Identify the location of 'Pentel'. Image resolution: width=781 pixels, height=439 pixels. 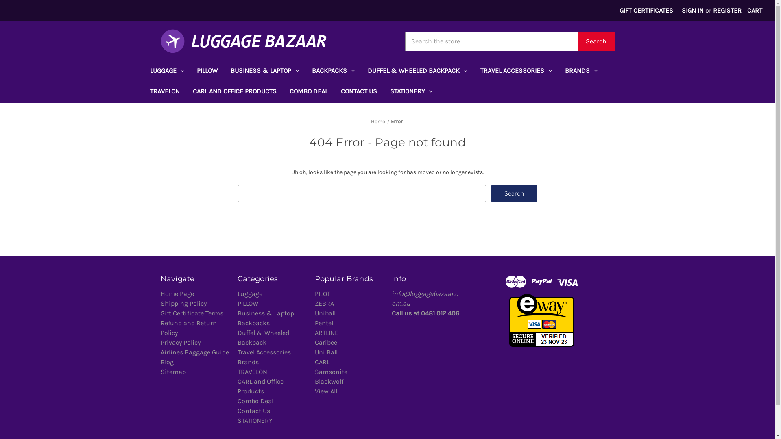
(314, 322).